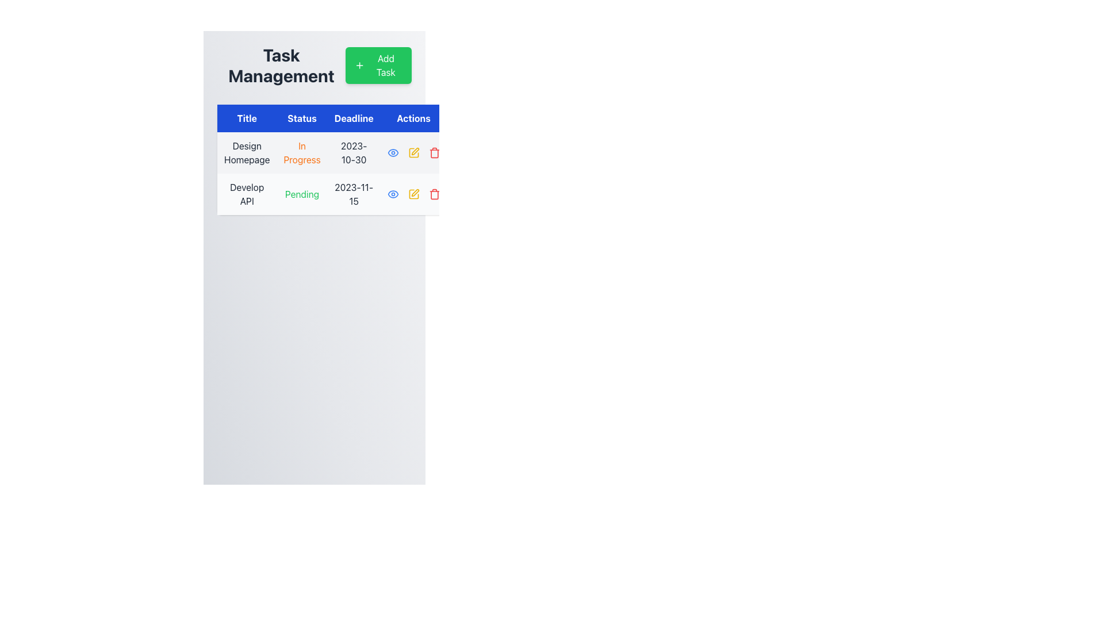 Image resolution: width=1104 pixels, height=621 pixels. What do you see at coordinates (246, 152) in the screenshot?
I see `the 'Design Homepage' text label in the first cell under the 'Title' column of the table to focus on it` at bounding box center [246, 152].